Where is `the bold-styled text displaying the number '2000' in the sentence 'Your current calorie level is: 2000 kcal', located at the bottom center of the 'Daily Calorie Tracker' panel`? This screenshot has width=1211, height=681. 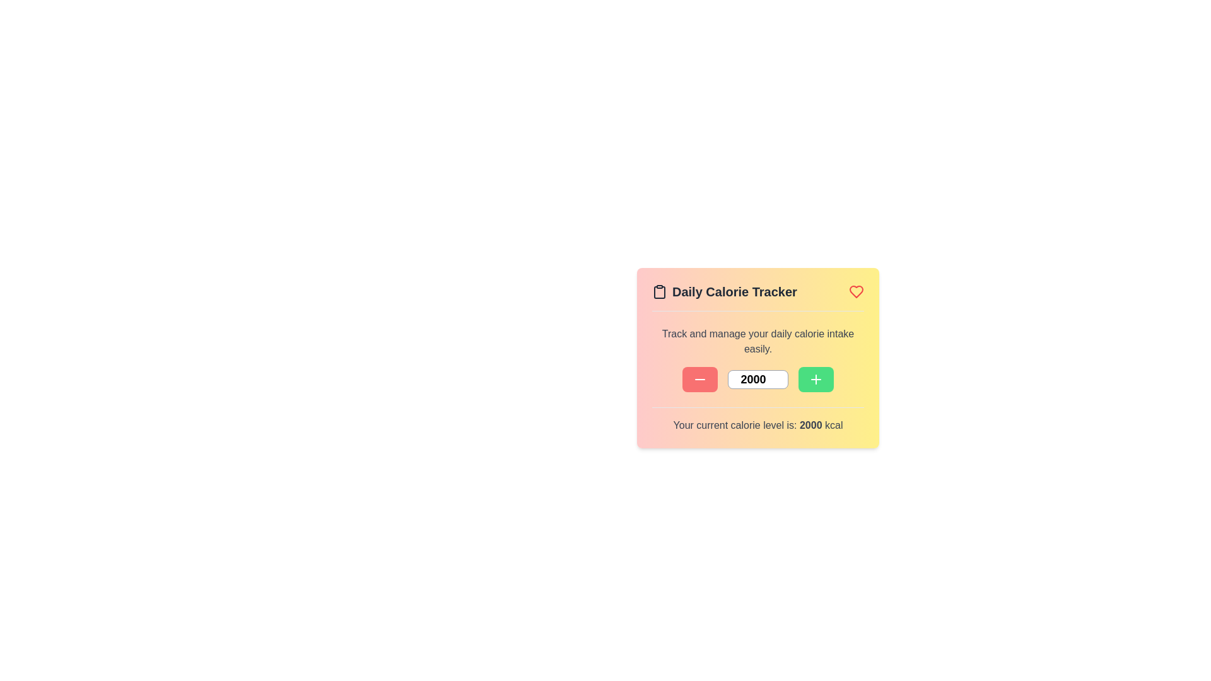 the bold-styled text displaying the number '2000' in the sentence 'Your current calorie level is: 2000 kcal', located at the bottom center of the 'Daily Calorie Tracker' panel is located at coordinates (810, 425).